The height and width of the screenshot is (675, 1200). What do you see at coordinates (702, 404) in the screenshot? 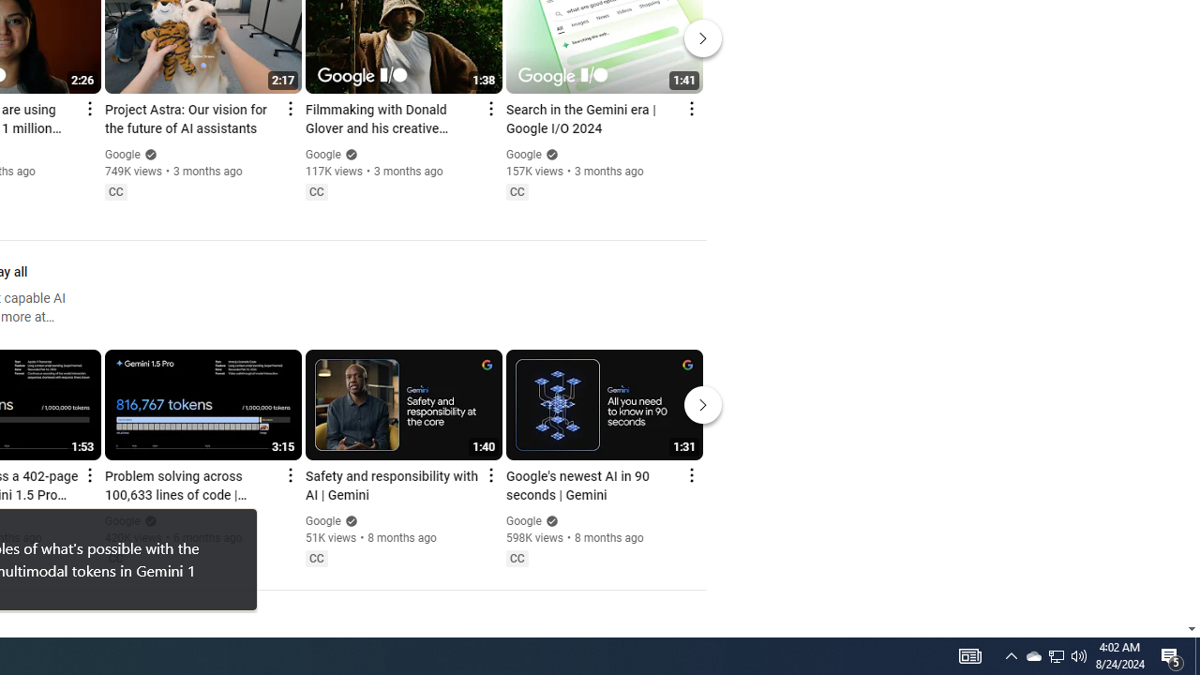
I see `'Next'` at bounding box center [702, 404].